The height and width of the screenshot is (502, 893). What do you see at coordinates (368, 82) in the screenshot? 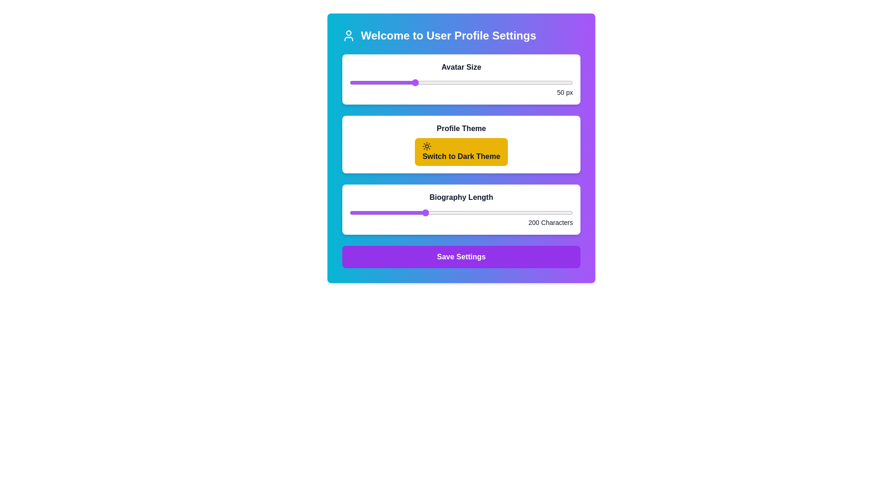
I see `the slider` at bounding box center [368, 82].